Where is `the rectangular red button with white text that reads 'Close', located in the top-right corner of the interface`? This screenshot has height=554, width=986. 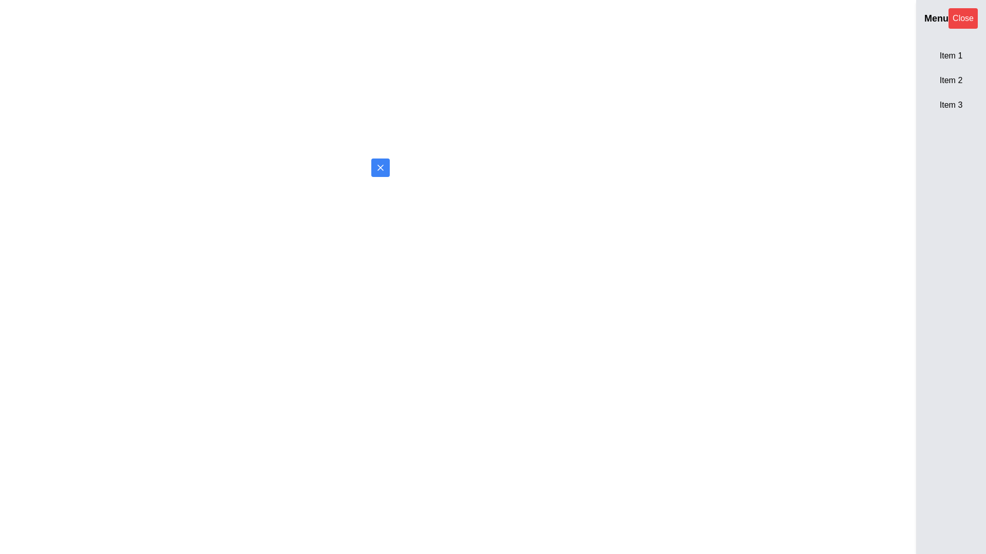 the rectangular red button with white text that reads 'Close', located in the top-right corner of the interface is located at coordinates (962, 18).